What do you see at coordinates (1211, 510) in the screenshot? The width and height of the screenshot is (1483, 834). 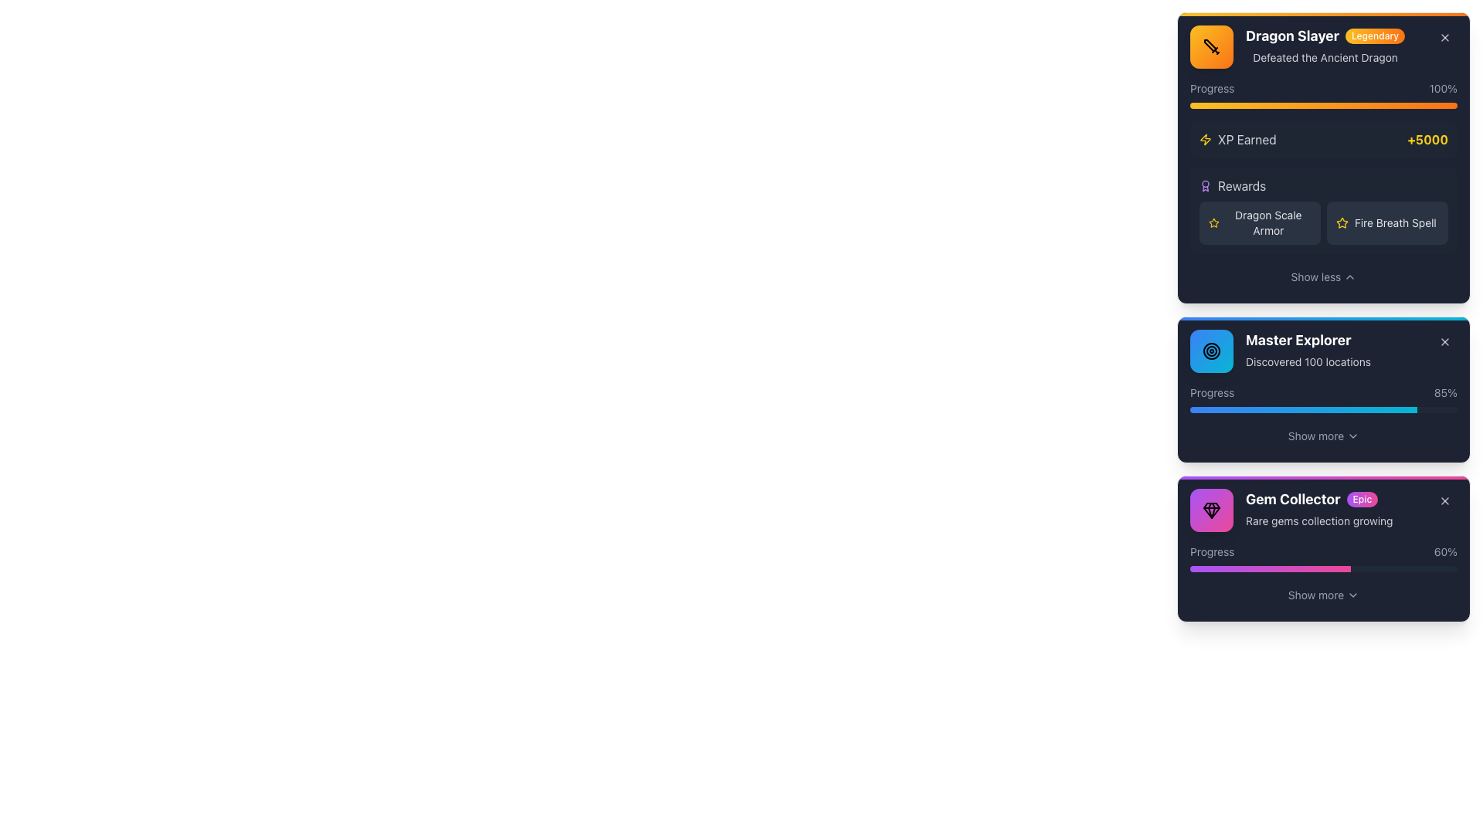 I see `the square icon with a gradient background transitioning from purple to pink, located on the left side of the 'Gem Collector' section` at bounding box center [1211, 510].